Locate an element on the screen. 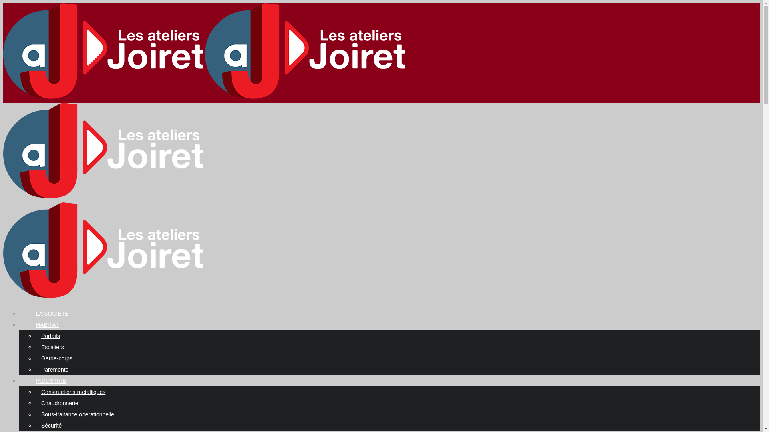  'HABITAT' is located at coordinates (47, 325).